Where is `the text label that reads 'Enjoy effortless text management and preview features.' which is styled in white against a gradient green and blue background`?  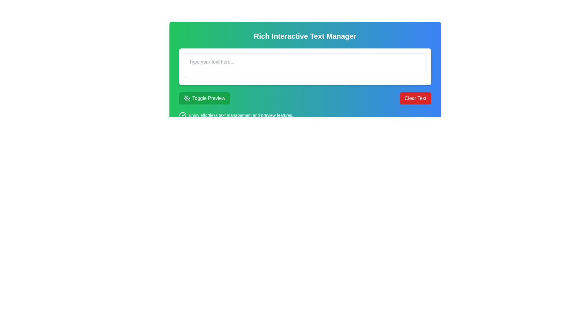
the text label that reads 'Enjoy effortless text management and preview features.' which is styled in white against a gradient green and blue background is located at coordinates (241, 115).